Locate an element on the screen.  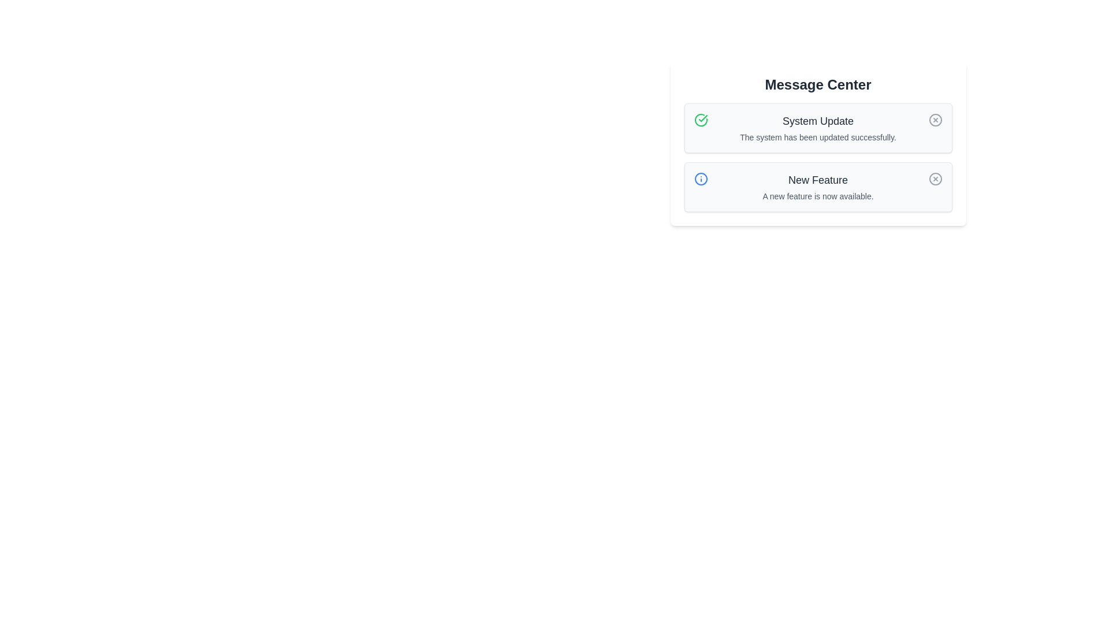
the circular dismiss icon located in the top-right corner of the 'New Feature' notification area is located at coordinates (935, 179).